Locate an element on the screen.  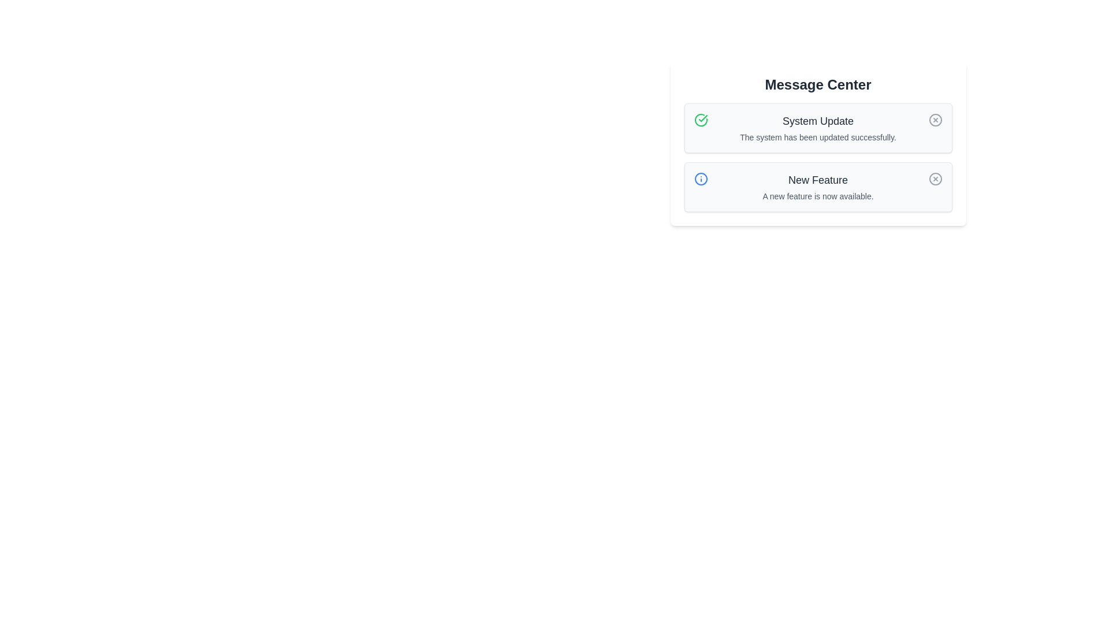
the circular dismiss icon located in the top-right corner of the 'New Feature' notification area is located at coordinates (935, 179).